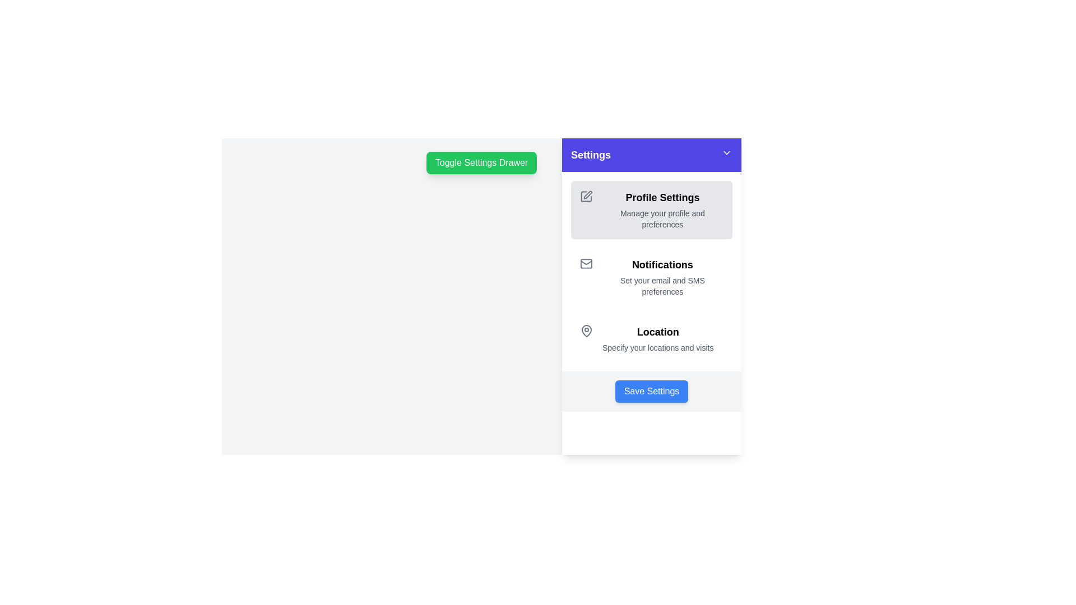 Image resolution: width=1076 pixels, height=605 pixels. I want to click on the 'Location' icon, which is the leading icon in the third row of settings options, visually representing the 'Location' section for specifying site locations and visits, so click(586, 330).